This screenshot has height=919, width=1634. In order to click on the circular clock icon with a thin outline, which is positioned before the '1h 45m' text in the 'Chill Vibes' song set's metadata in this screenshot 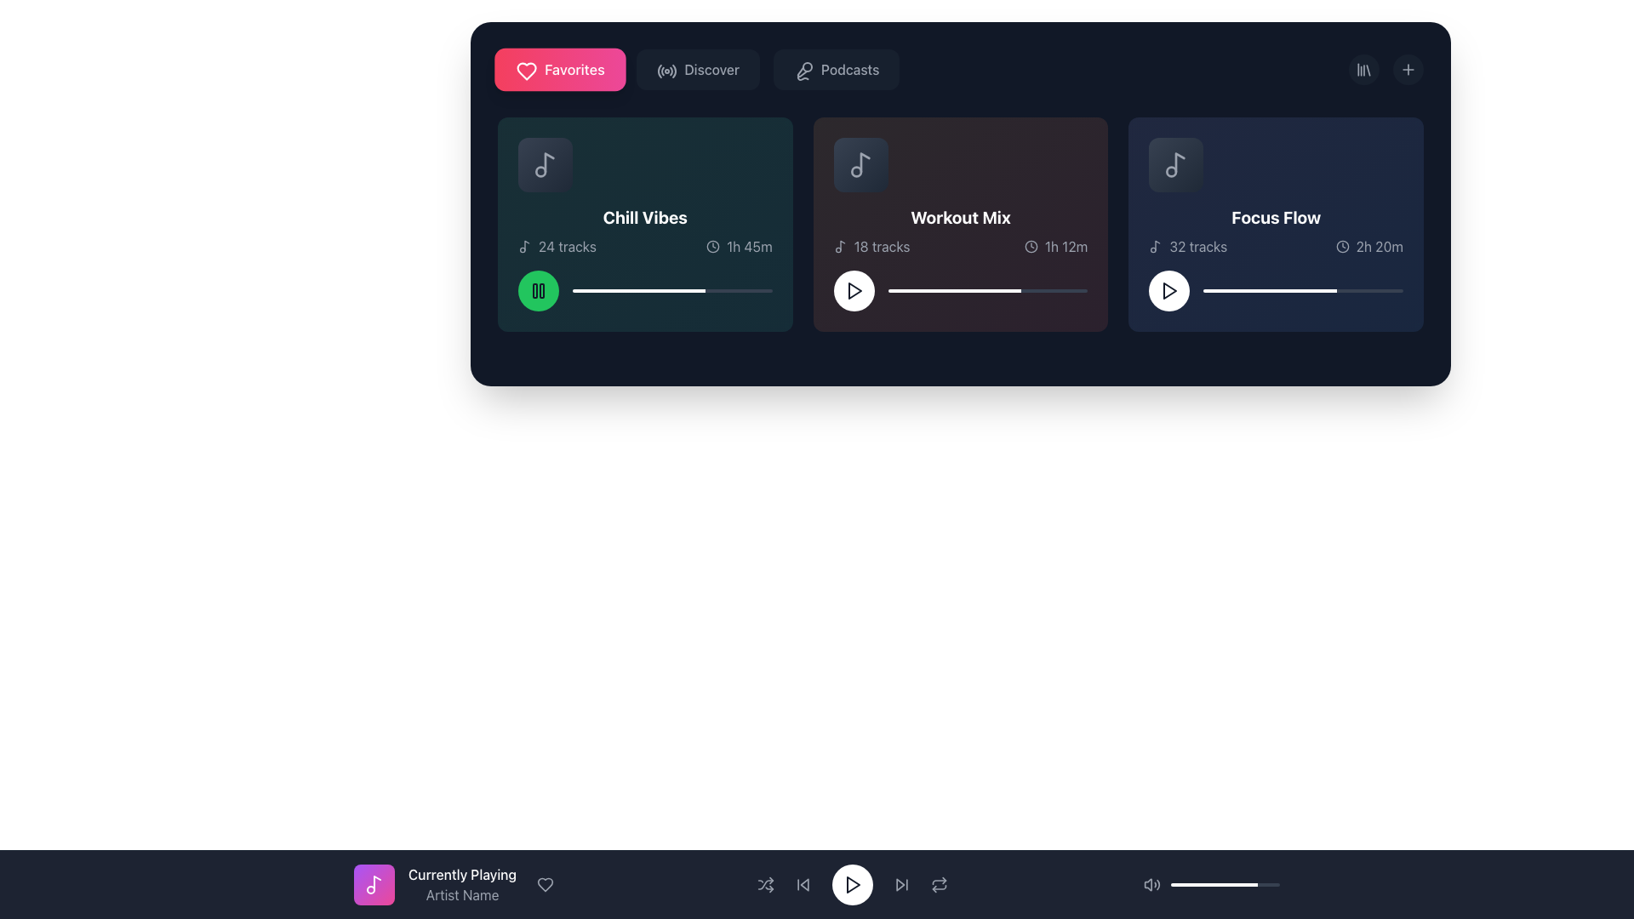, I will do `click(713, 246)`.